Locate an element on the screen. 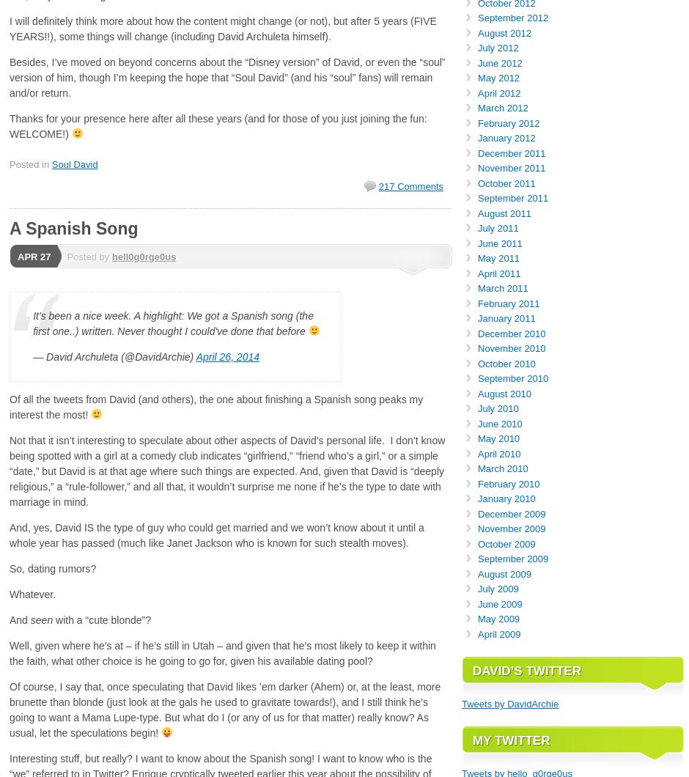 This screenshot has width=689, height=777. 'So, dating rumors?' is located at coordinates (9, 567).